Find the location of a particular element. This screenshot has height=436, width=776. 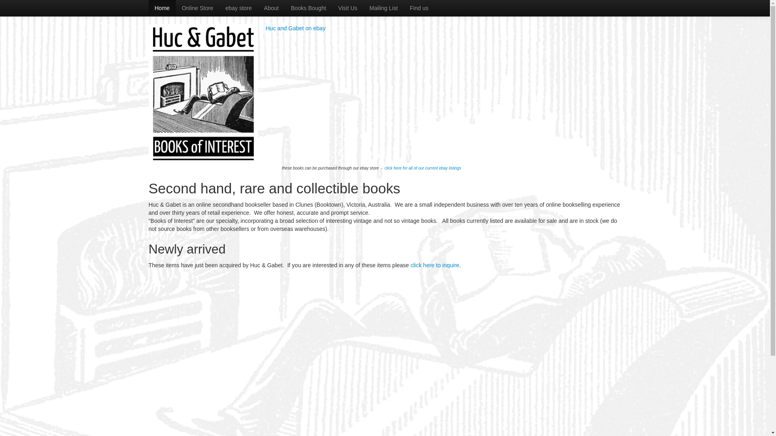

'Find us' is located at coordinates (419, 8).